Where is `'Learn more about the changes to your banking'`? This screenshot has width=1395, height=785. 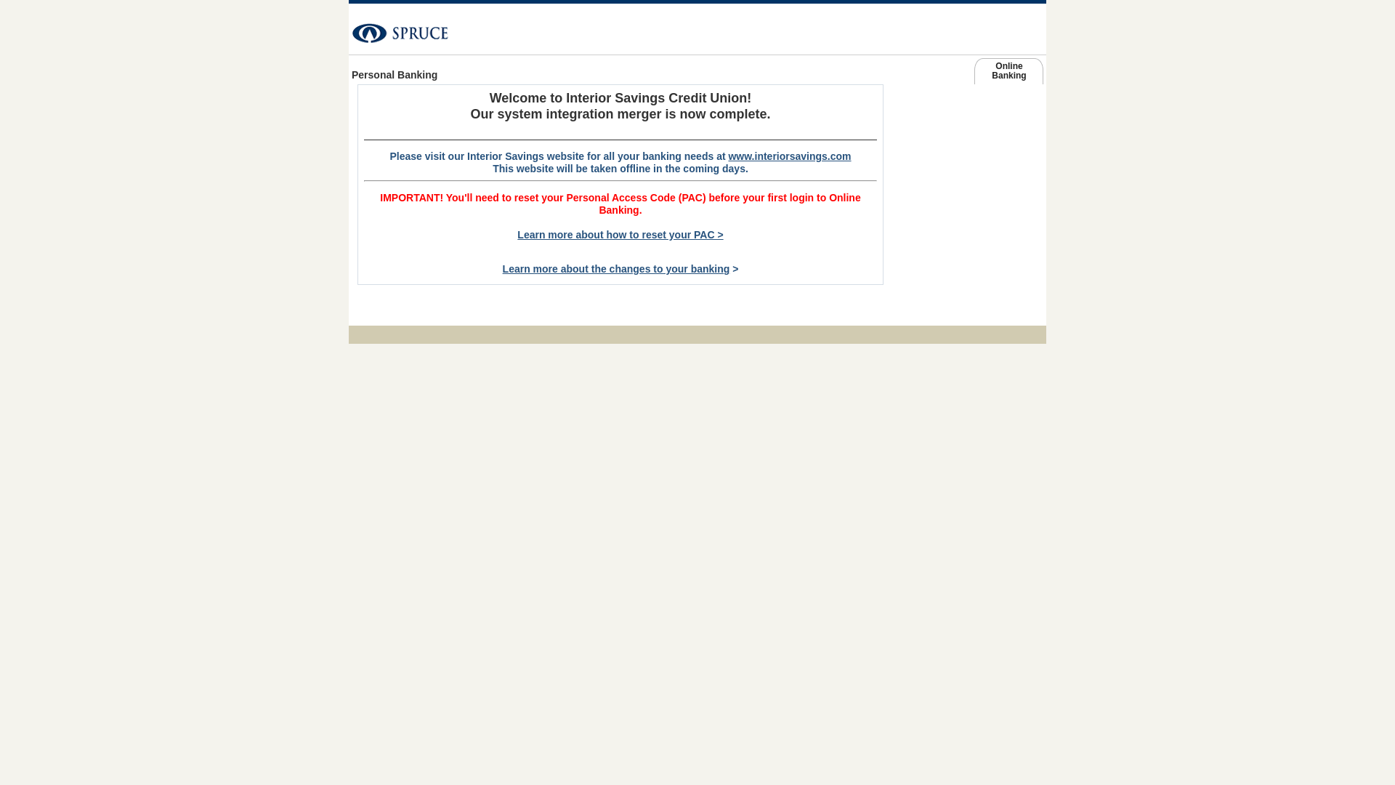
'Learn more about the changes to your banking' is located at coordinates (616, 269).